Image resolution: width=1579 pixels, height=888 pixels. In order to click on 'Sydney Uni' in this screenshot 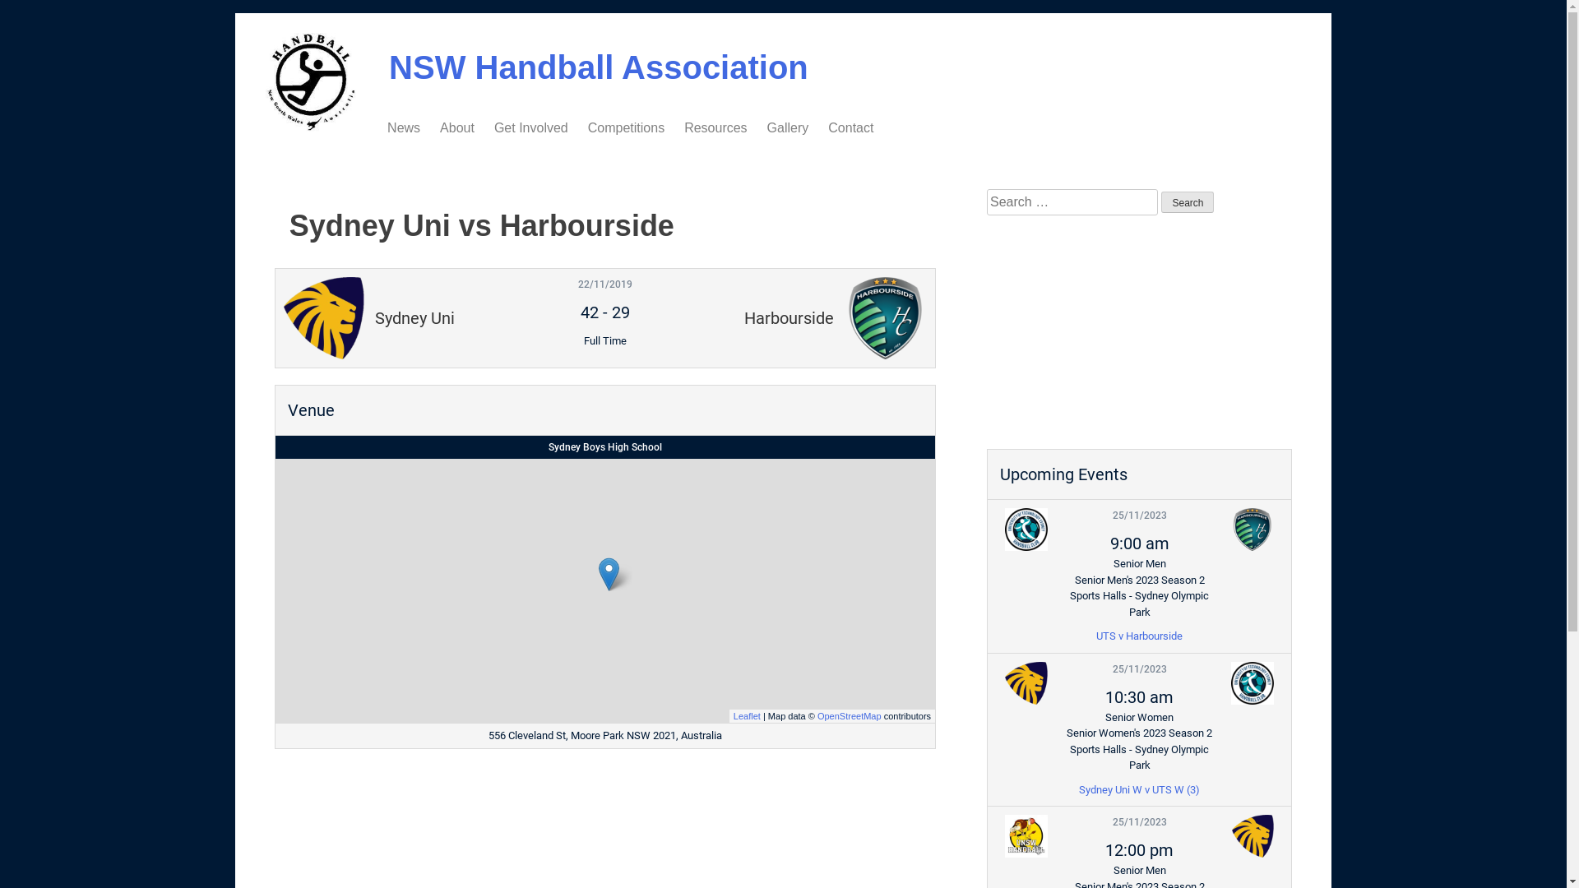, I will do `click(1251, 836)`.